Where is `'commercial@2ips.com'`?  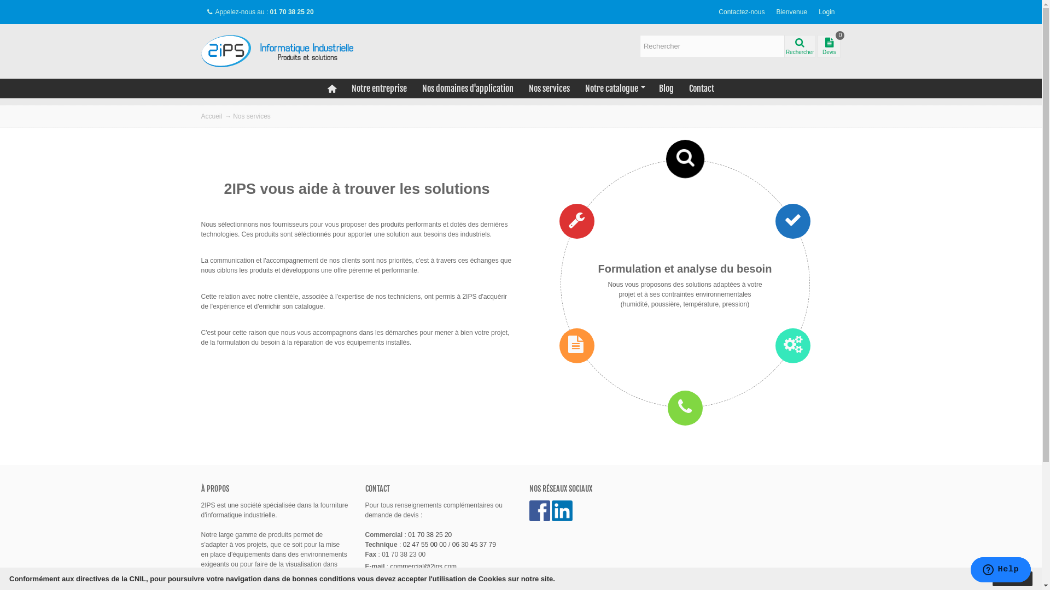
'commercial@2ips.com' is located at coordinates (423, 566).